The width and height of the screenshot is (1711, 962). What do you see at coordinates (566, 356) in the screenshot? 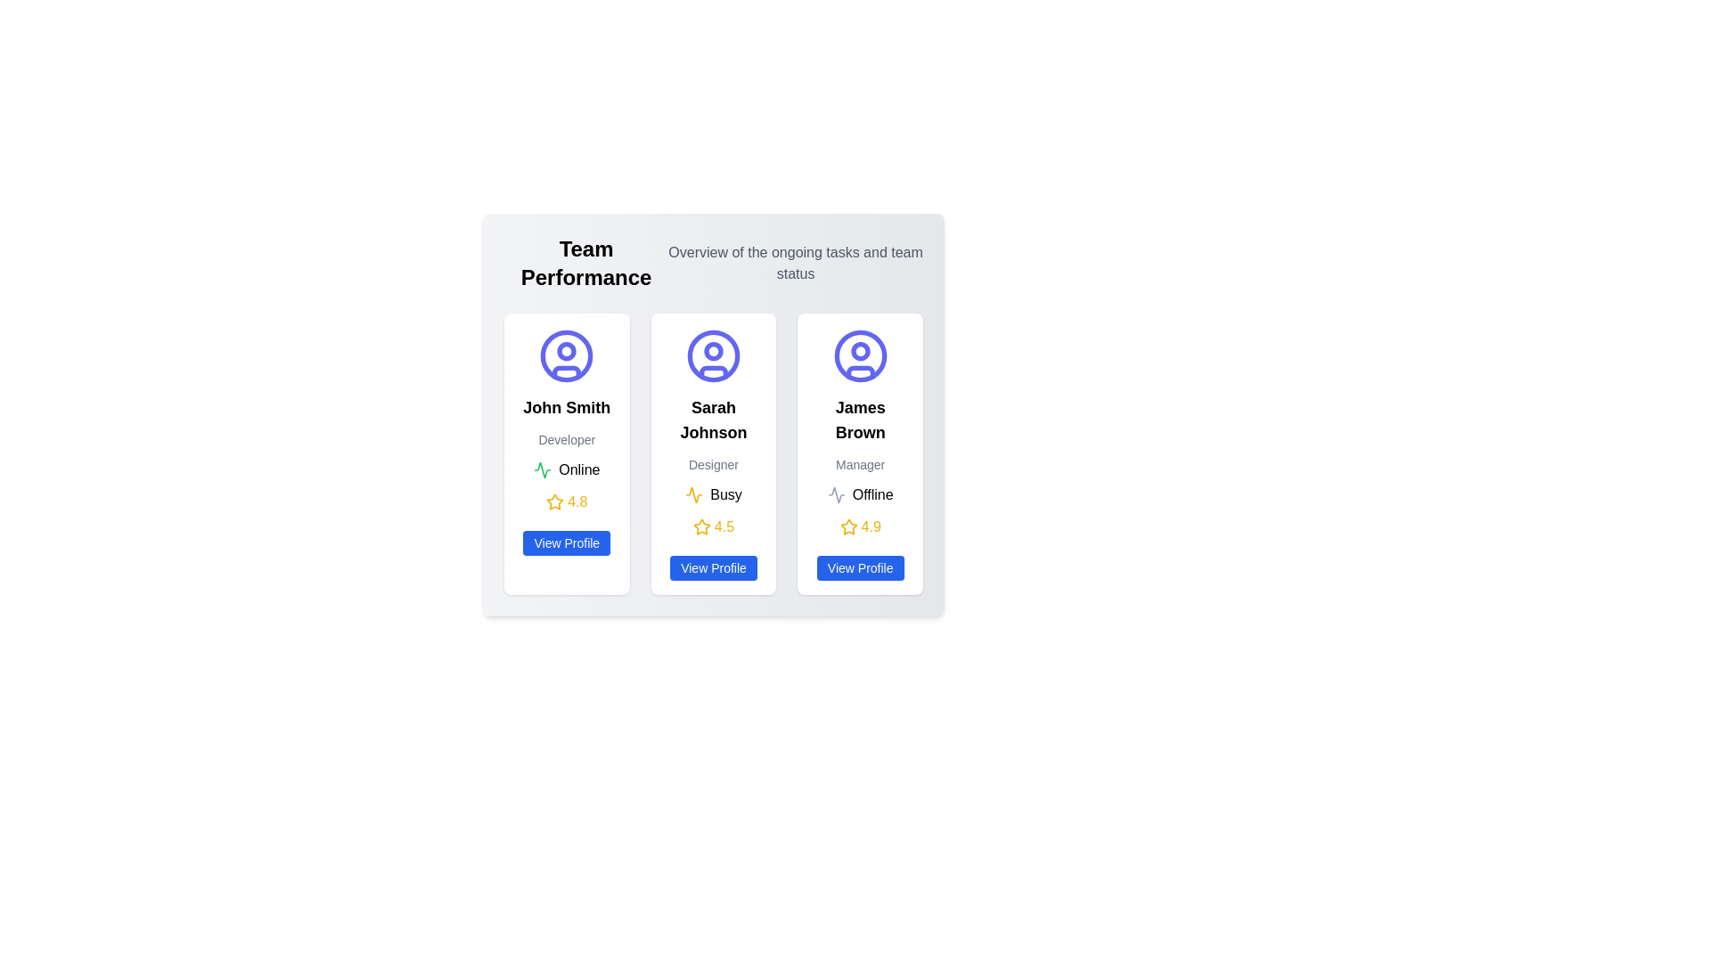
I see `the circular user icon element for 'John Smith' in the avatar section, which is positioned prominently and is the larger of two concentric circles` at bounding box center [566, 356].